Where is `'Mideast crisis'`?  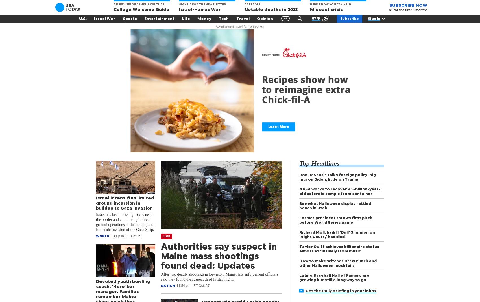
'Mideast crisis' is located at coordinates (310, 9).